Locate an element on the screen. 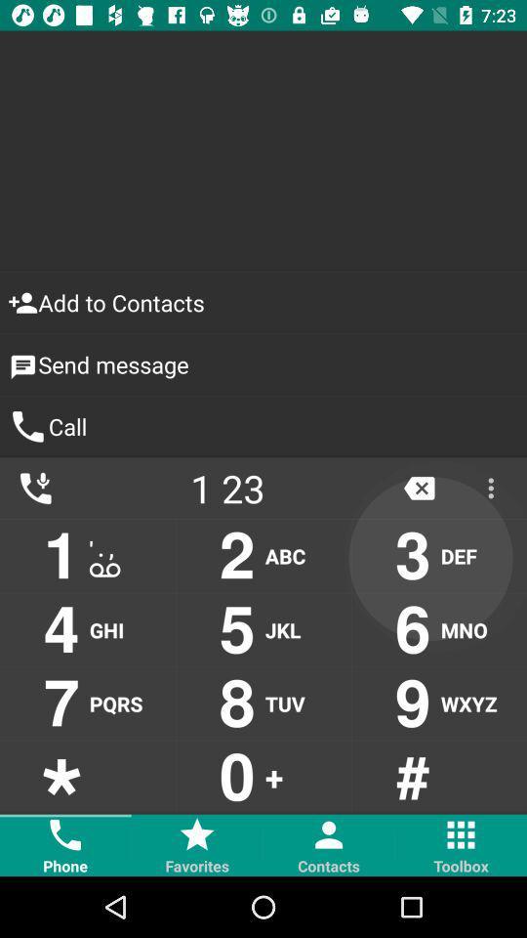  icon below call is located at coordinates (418, 487).